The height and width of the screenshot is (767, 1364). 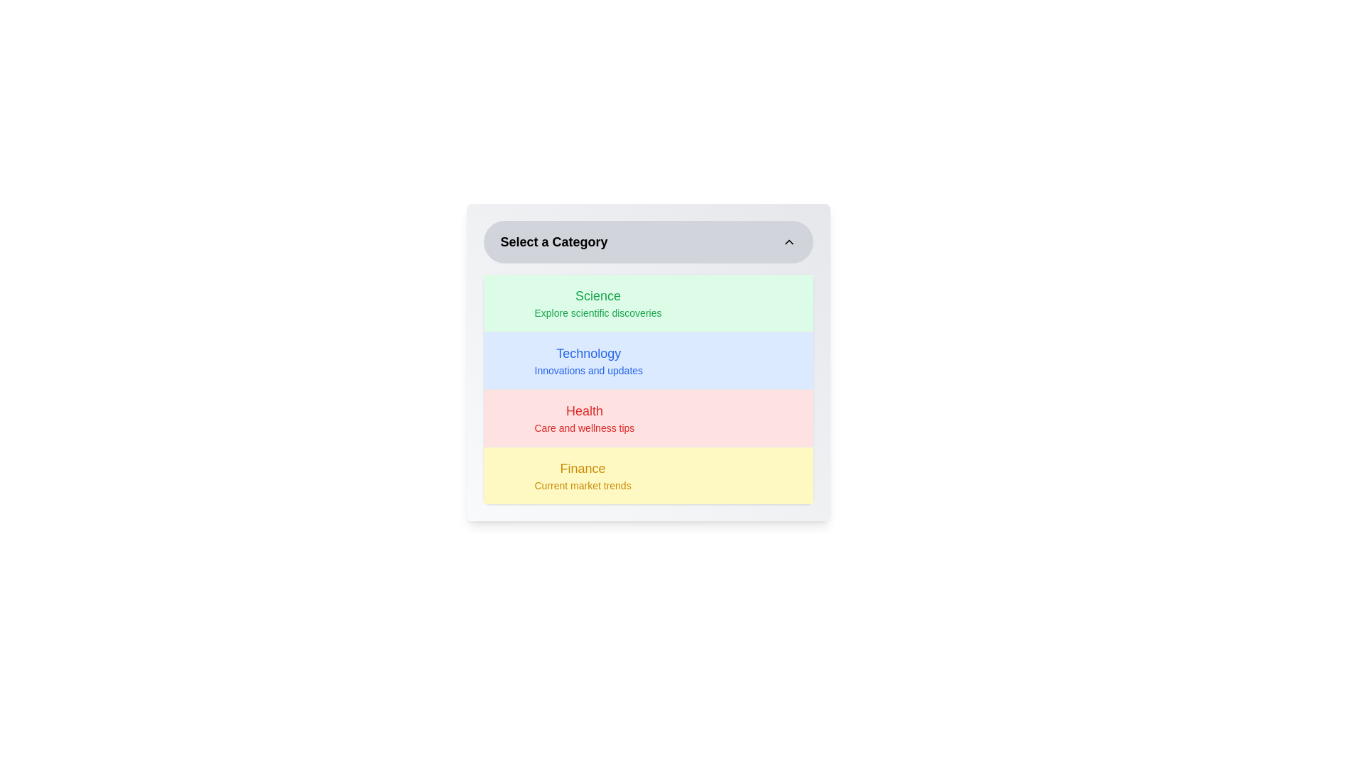 What do you see at coordinates (647, 475) in the screenshot?
I see `the category Finance from the list` at bounding box center [647, 475].